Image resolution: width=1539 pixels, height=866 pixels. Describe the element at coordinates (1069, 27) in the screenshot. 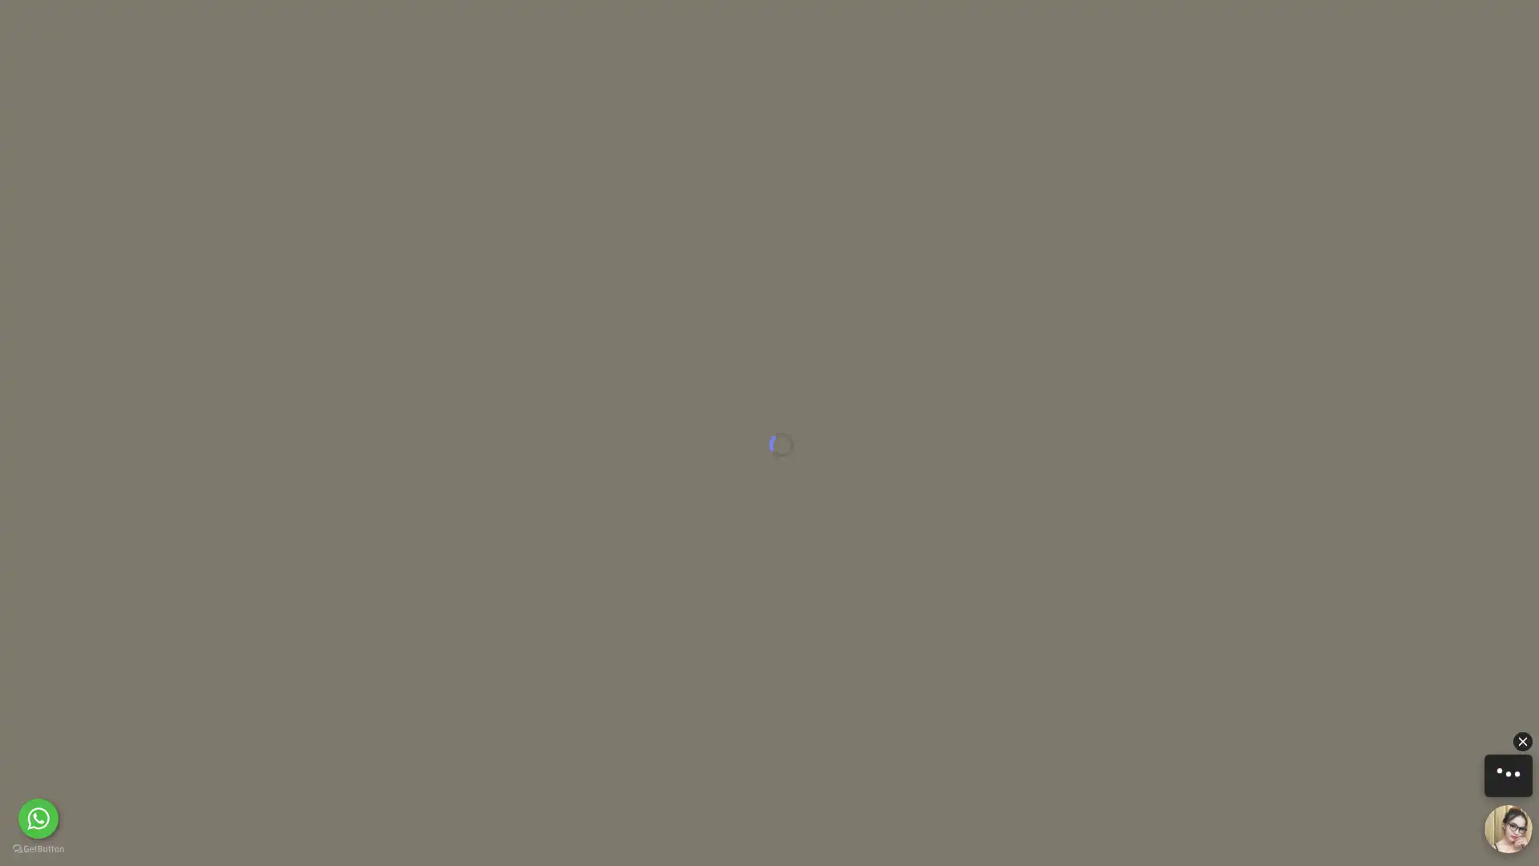

I see `LOGIN` at that location.